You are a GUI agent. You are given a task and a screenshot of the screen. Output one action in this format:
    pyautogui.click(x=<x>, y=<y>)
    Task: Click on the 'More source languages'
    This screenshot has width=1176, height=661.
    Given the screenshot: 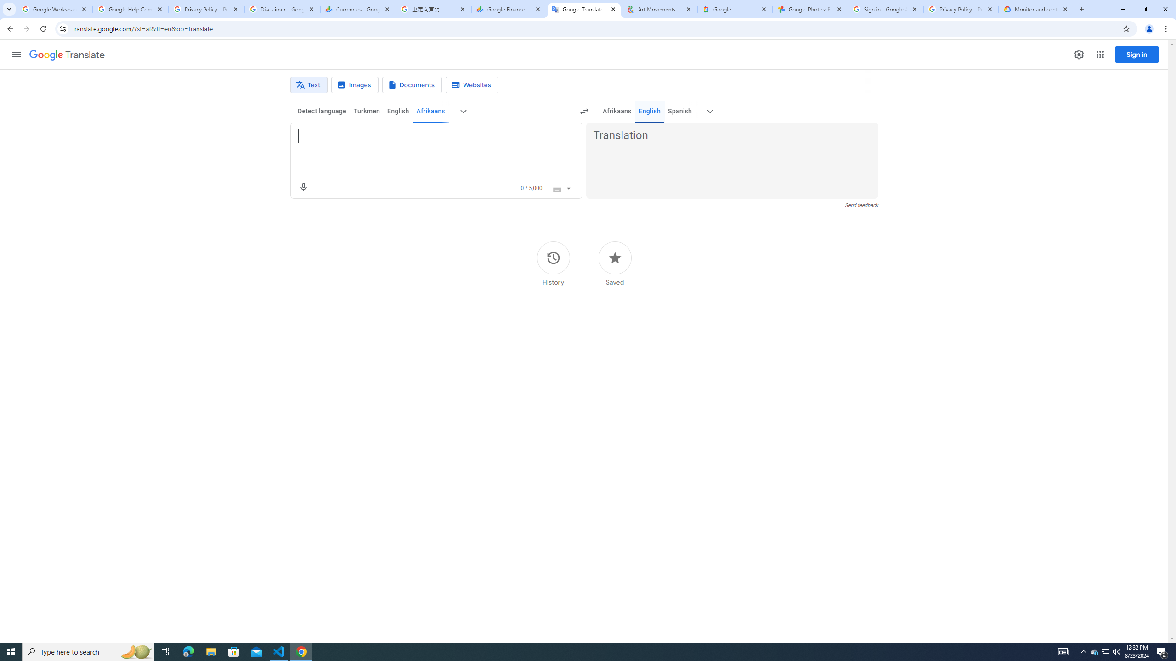 What is the action you would take?
    pyautogui.click(x=463, y=111)
    